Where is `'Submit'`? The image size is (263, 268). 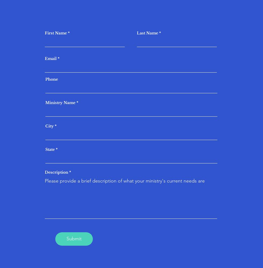
'Submit' is located at coordinates (74, 238).